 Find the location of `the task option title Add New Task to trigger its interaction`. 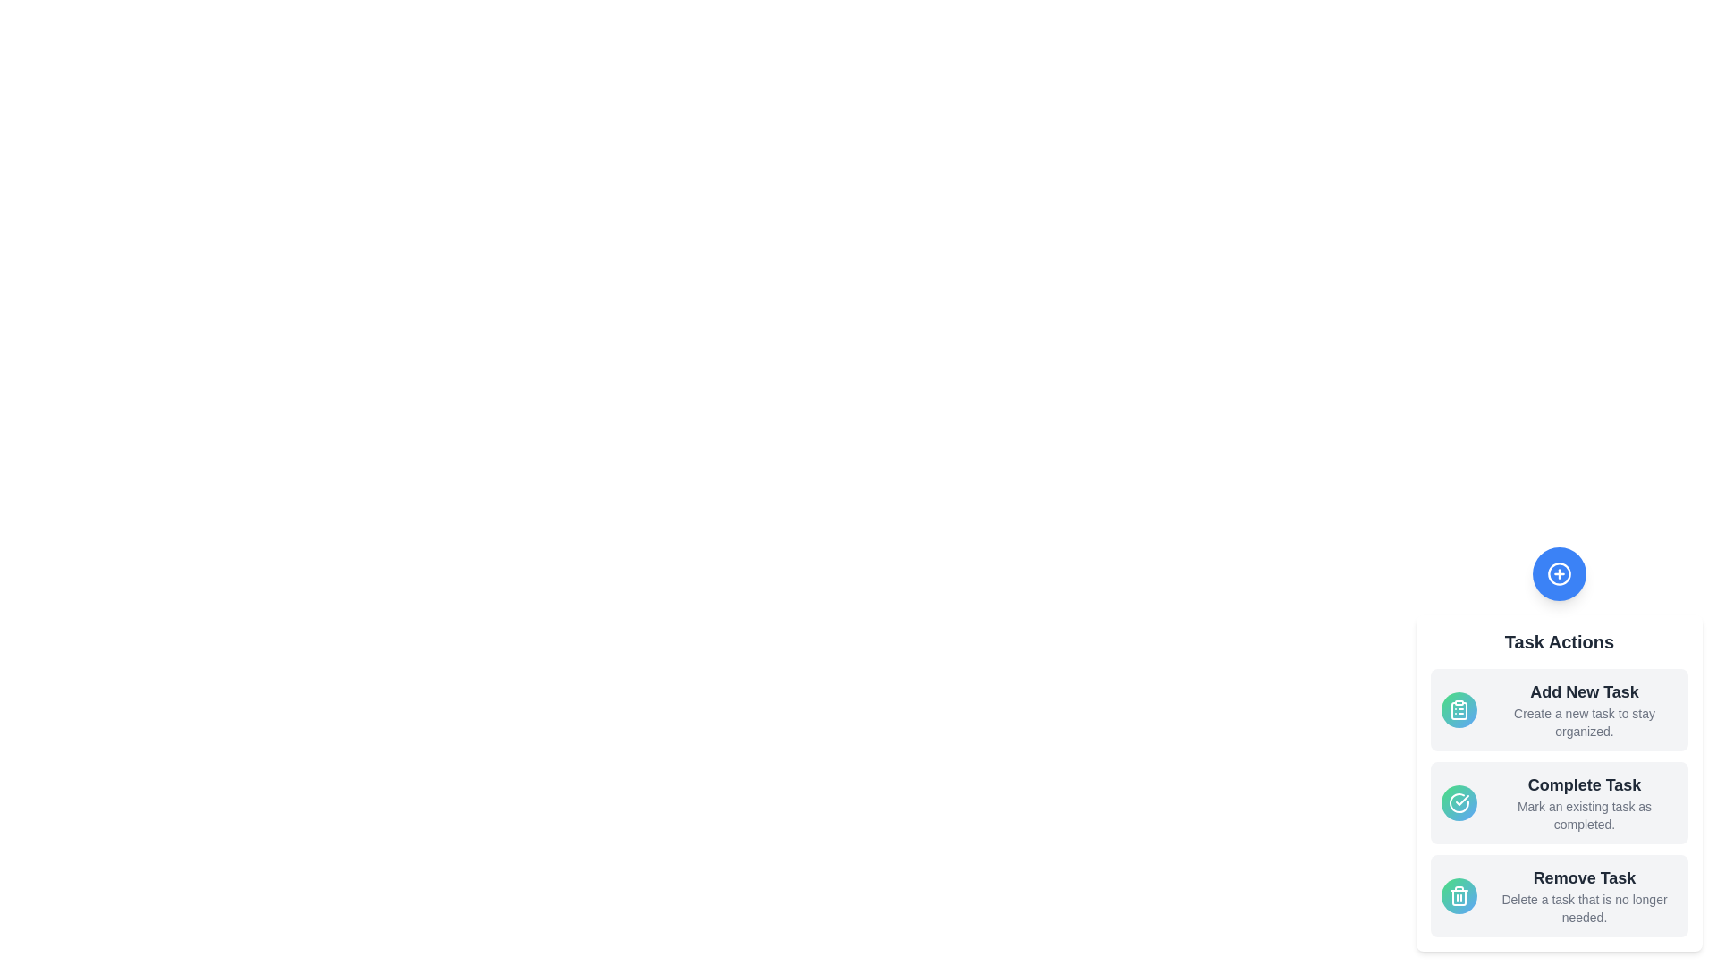

the task option title Add New Task to trigger its interaction is located at coordinates (1584, 691).